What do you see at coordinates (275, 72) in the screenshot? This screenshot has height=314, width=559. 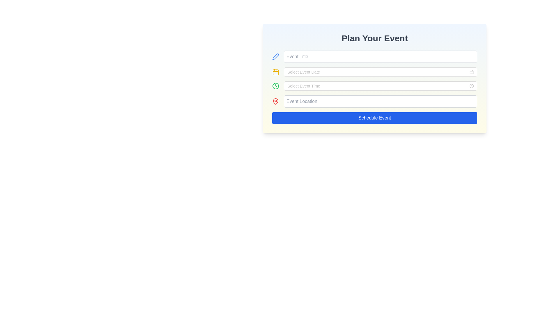 I see `the yellow calendar icon with a square outline and rounded corners, located next to the input field labeled 'Select Event Date'` at bounding box center [275, 72].